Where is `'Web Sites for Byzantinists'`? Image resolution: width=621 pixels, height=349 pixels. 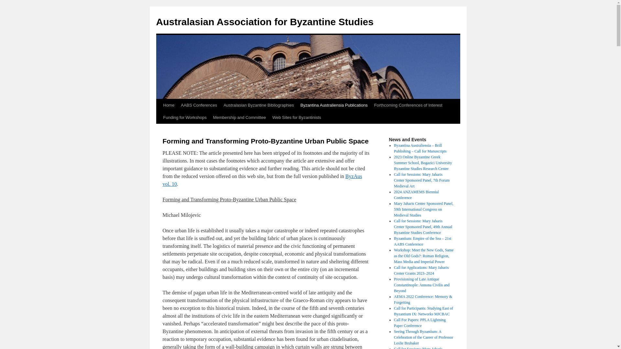 'Web Sites for Byzantinists' is located at coordinates (296, 117).